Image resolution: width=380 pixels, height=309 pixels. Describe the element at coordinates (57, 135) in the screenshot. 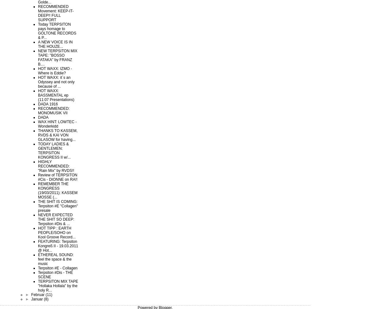

I see `'THANKS TO KASSEM, RVDS & KAI VON GLASOW for having...'` at that location.